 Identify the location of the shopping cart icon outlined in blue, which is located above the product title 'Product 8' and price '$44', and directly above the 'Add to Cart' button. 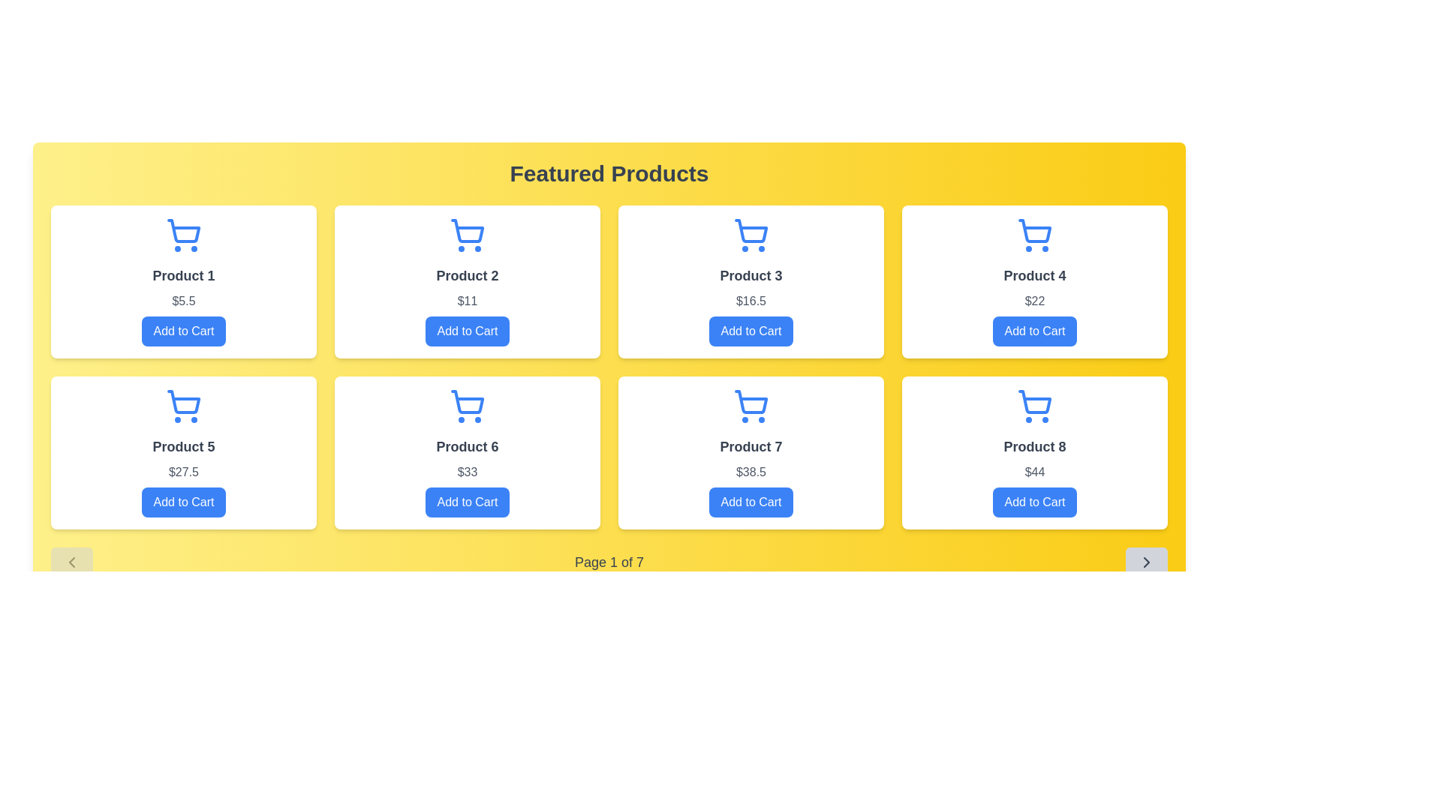
(1033, 406).